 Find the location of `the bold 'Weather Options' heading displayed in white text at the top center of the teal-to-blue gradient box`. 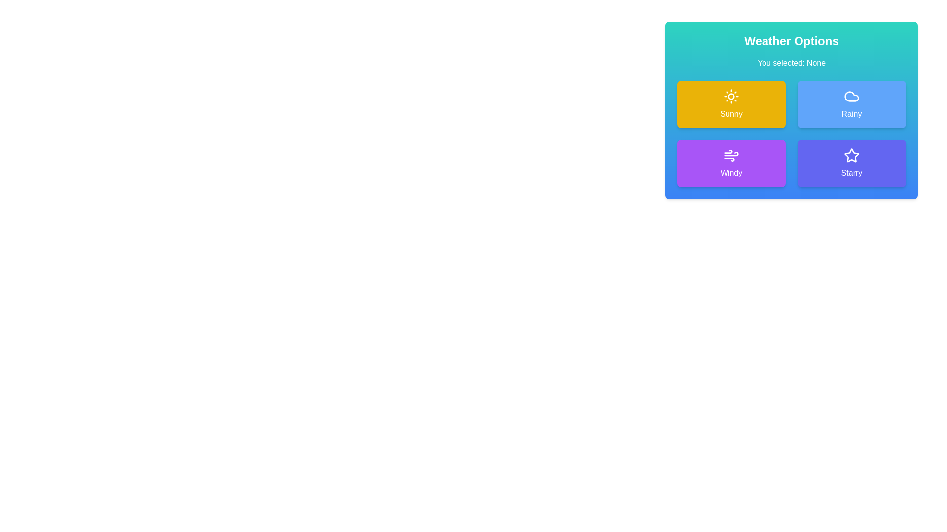

the bold 'Weather Options' heading displayed in white text at the top center of the teal-to-blue gradient box is located at coordinates (791, 41).